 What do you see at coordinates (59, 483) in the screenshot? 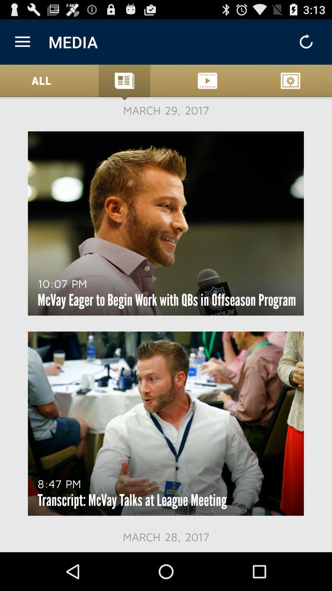
I see `the icon above transcript mcvay talks` at bounding box center [59, 483].